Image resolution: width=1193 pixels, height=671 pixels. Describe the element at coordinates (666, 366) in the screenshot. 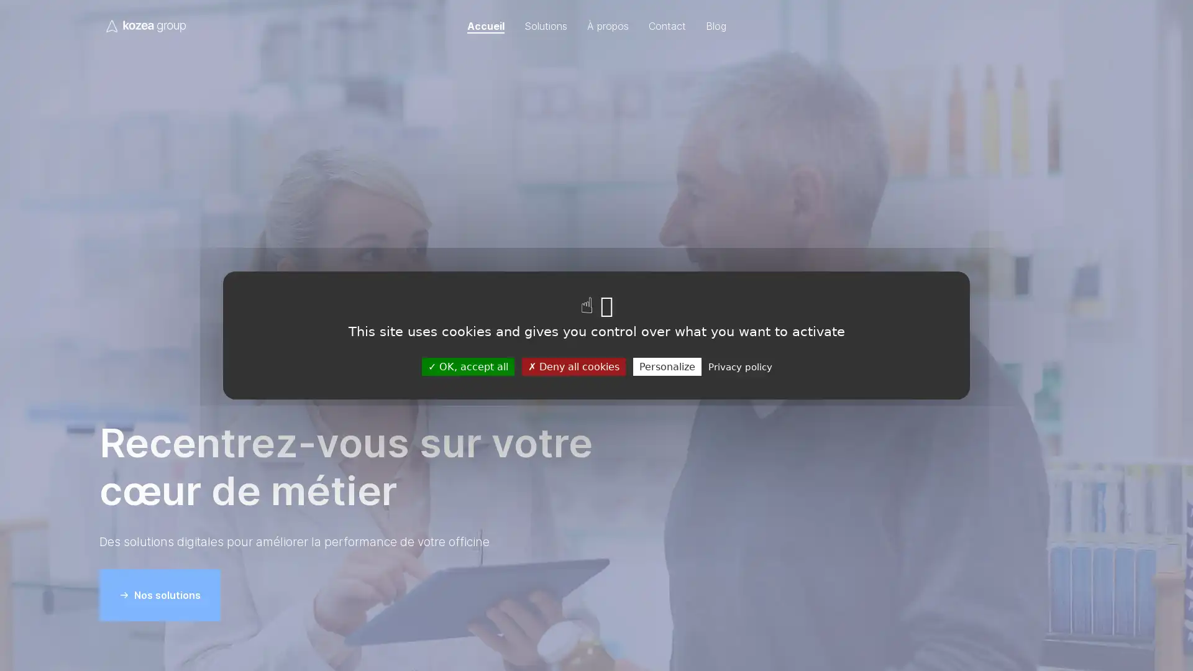

I see `Personalize (modal window)` at that location.